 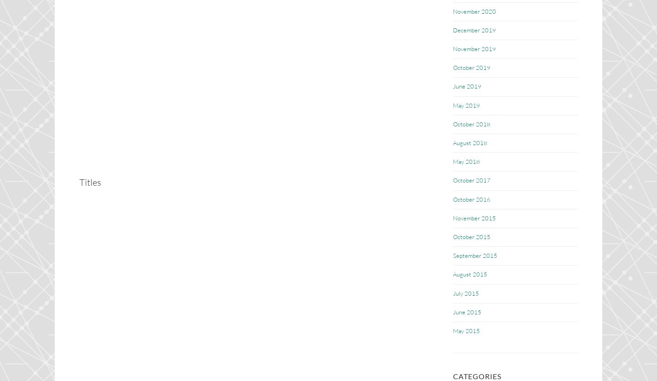 What do you see at coordinates (466, 104) in the screenshot?
I see `'May 2019'` at bounding box center [466, 104].